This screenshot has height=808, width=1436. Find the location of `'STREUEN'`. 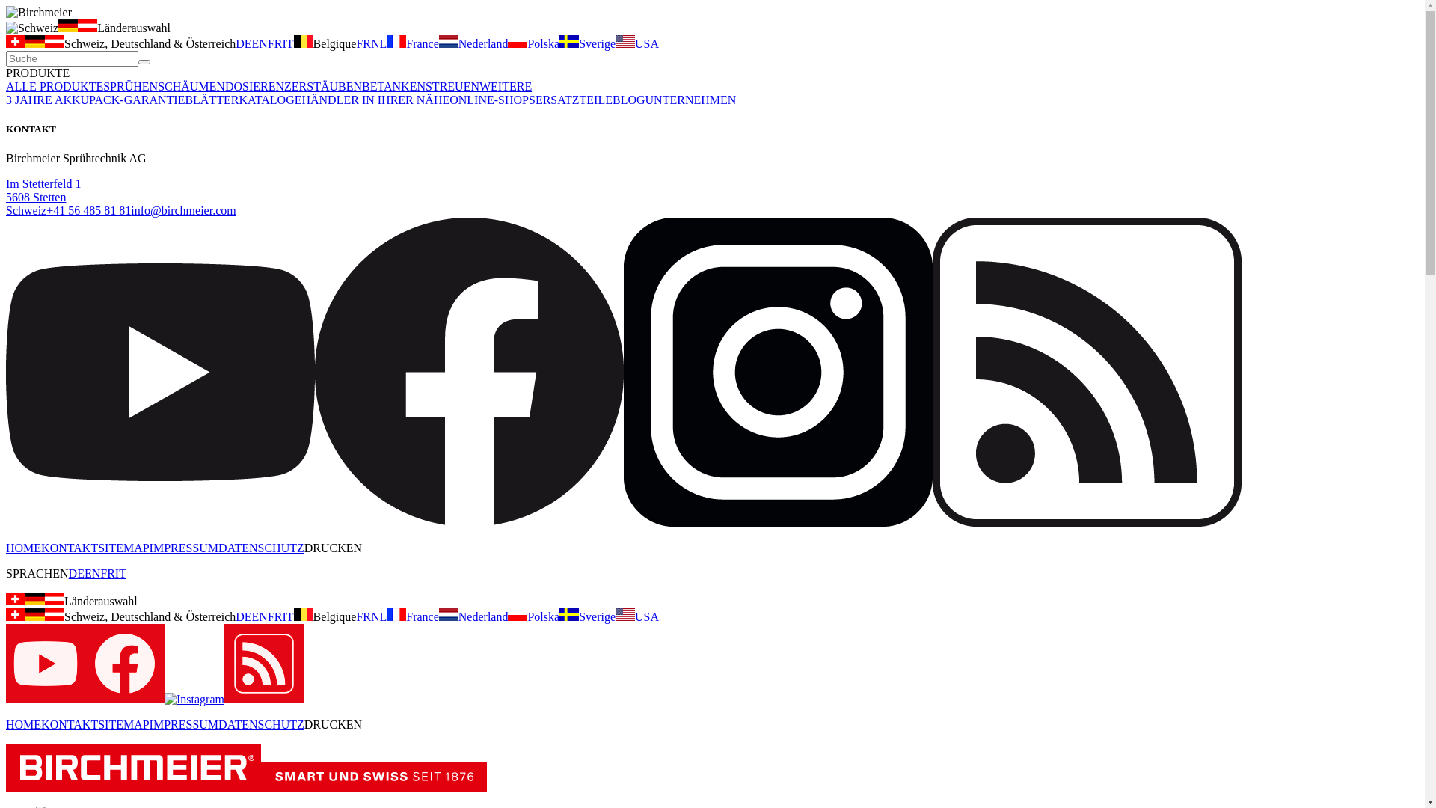

'STREUEN' is located at coordinates (451, 86).